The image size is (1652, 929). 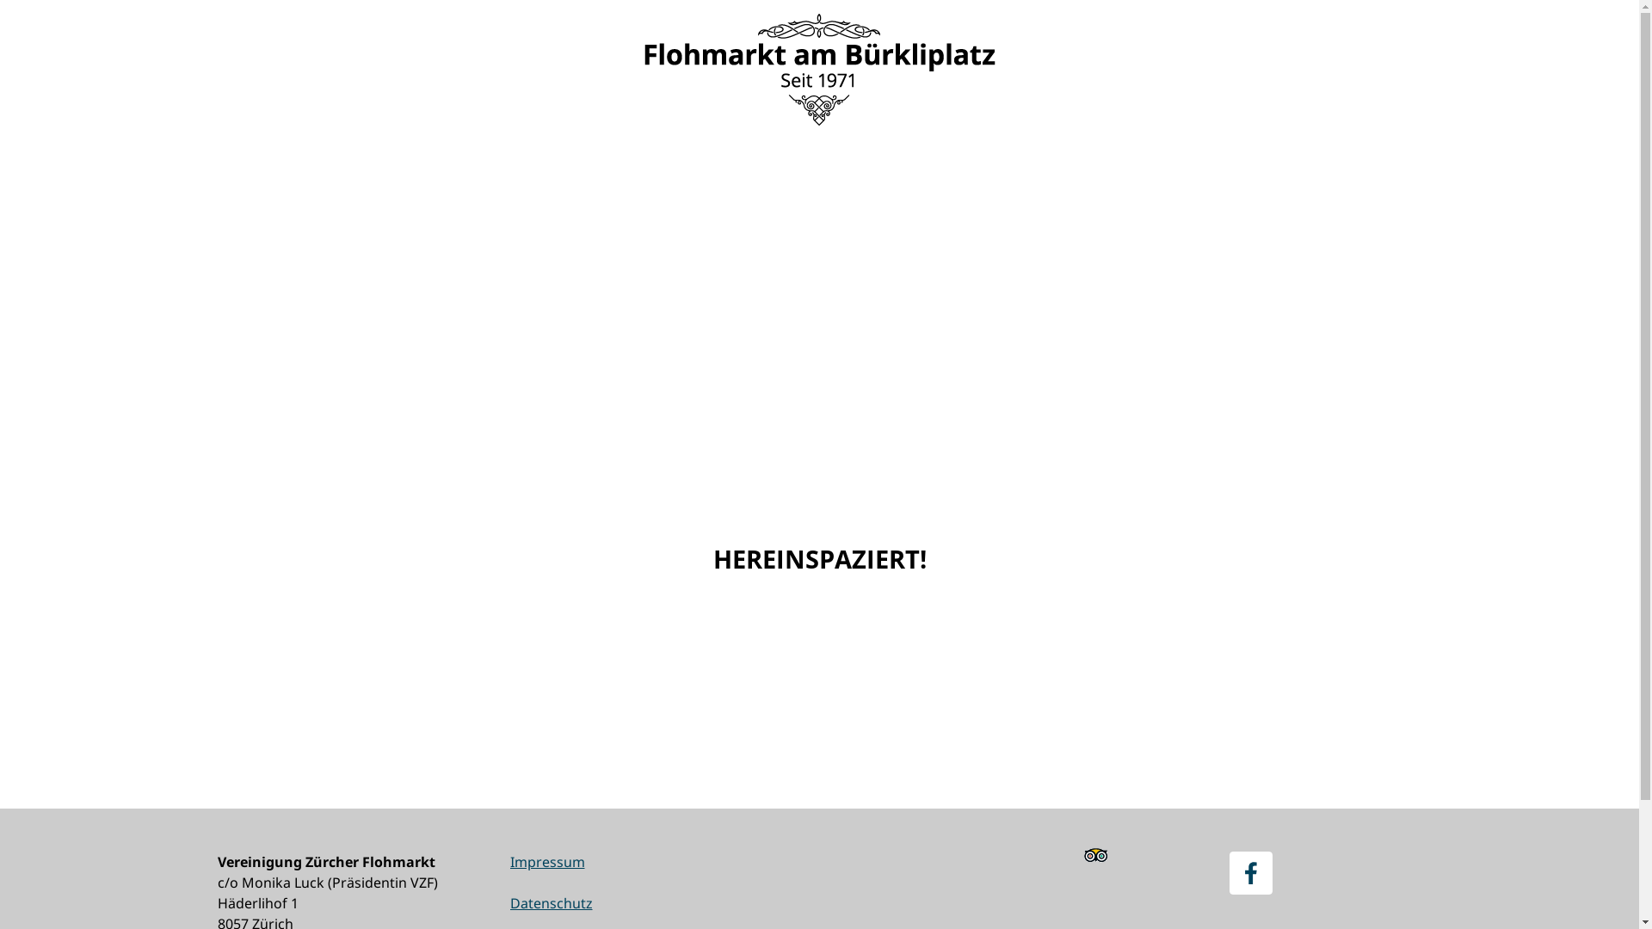 I want to click on 'HEREINSPAZIERT!', so click(x=817, y=559).